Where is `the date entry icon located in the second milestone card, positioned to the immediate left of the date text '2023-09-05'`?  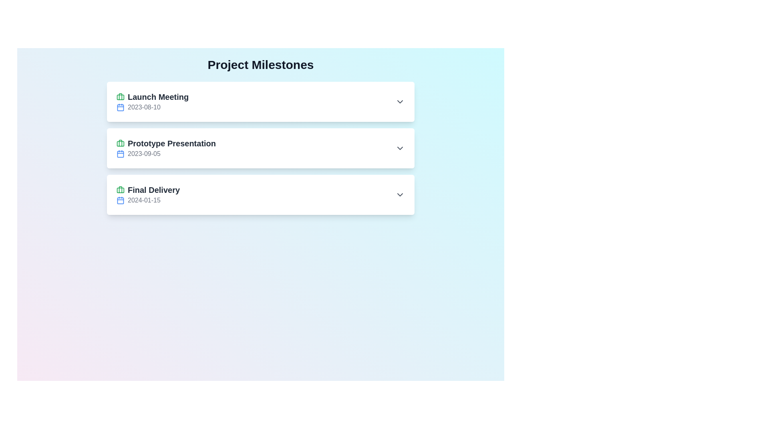 the date entry icon located in the second milestone card, positioned to the immediate left of the date text '2023-09-05' is located at coordinates (120, 154).